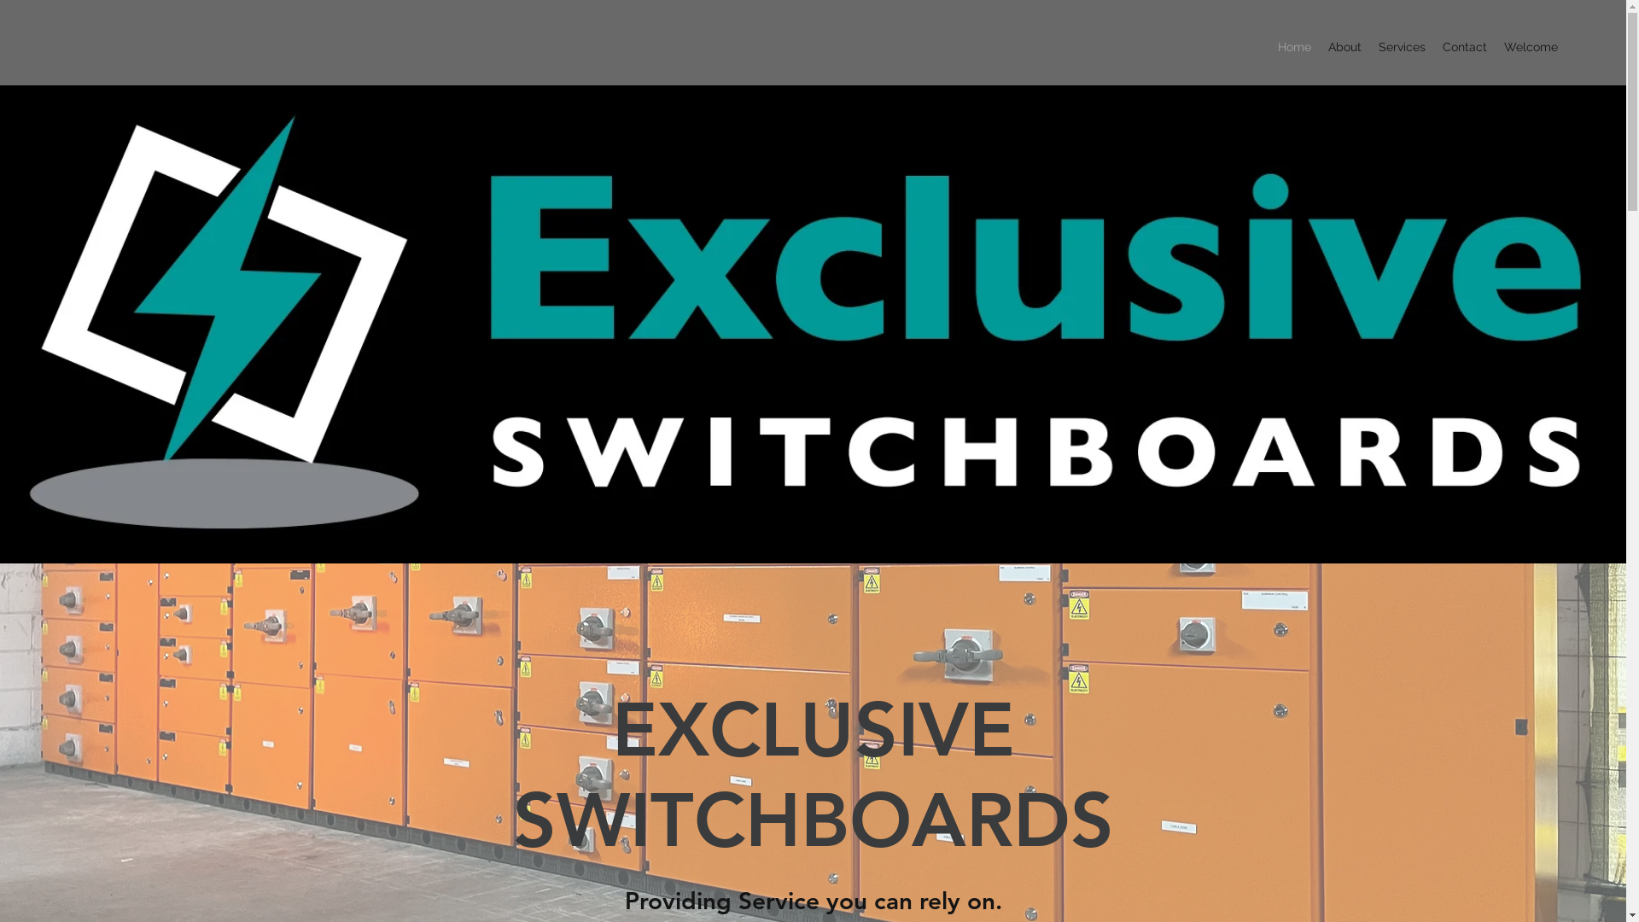 Image resolution: width=1639 pixels, height=922 pixels. What do you see at coordinates (1531, 45) in the screenshot?
I see `'Welcome'` at bounding box center [1531, 45].